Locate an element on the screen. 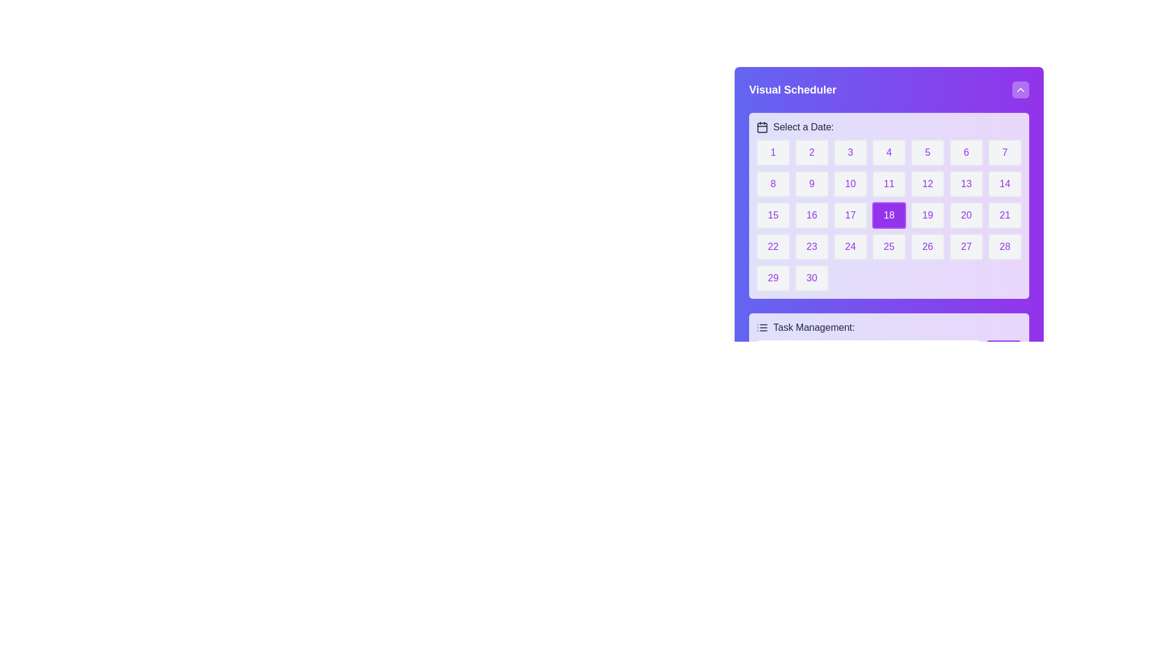 This screenshot has height=652, width=1159. the button displaying '23', which is a rounded rectangle with a light background and a purple border, using keyboard navigation is located at coordinates (811, 246).